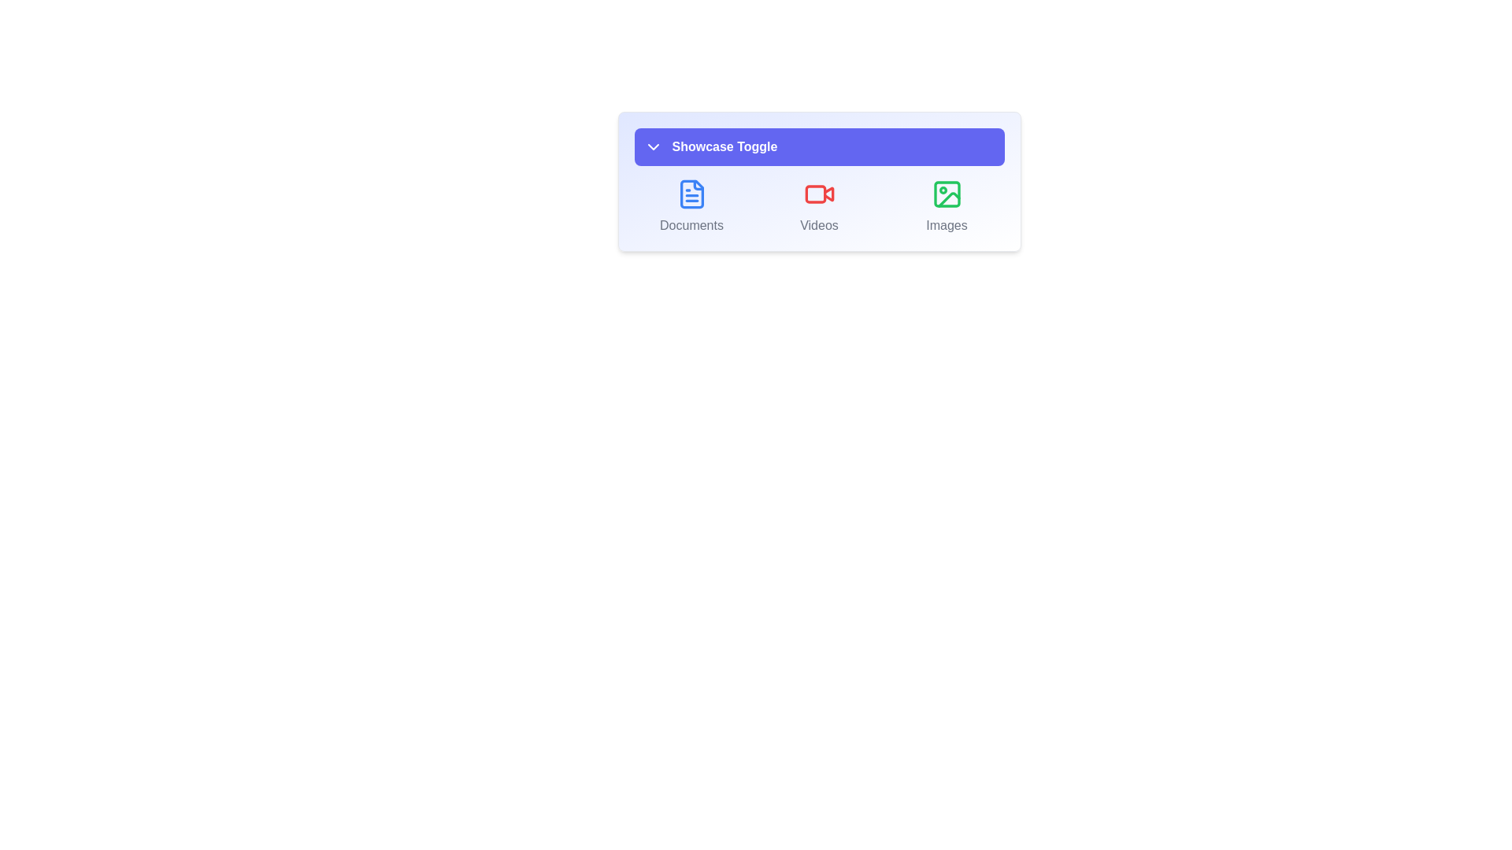 Image resolution: width=1512 pixels, height=850 pixels. I want to click on the Videos icon located centrally between the blue document icon and the green image icon, below the Showcase Toggle header, so click(819, 193).